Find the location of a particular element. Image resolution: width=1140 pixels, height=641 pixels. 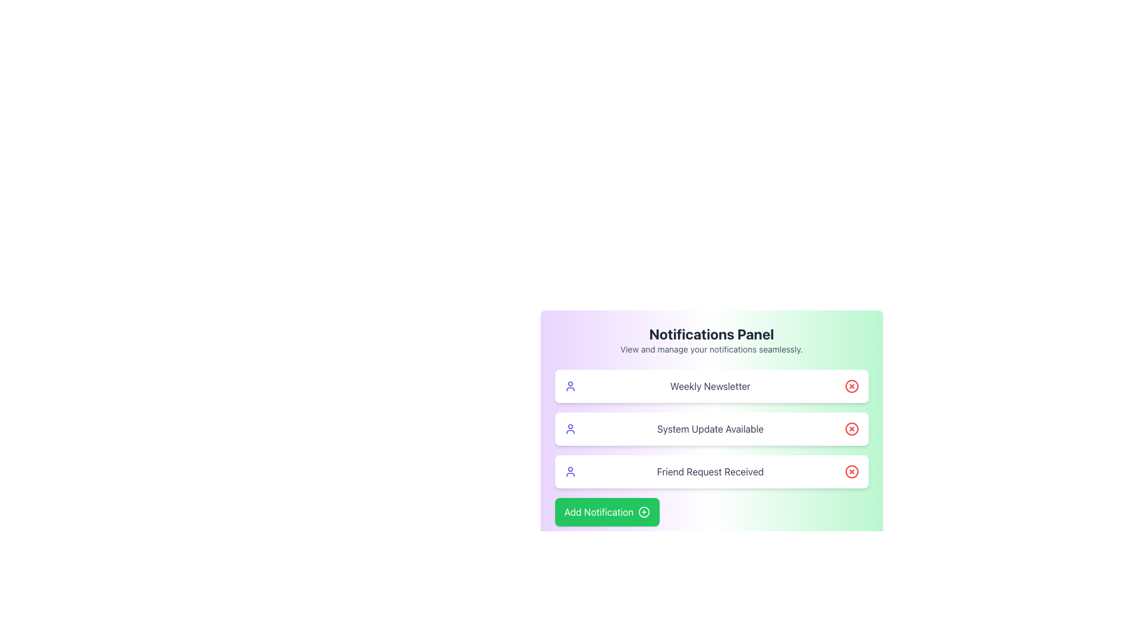

the static text that reads 'View and manage your notifications seamlessly.' located under the 'Notifications Panel' title is located at coordinates (711, 349).